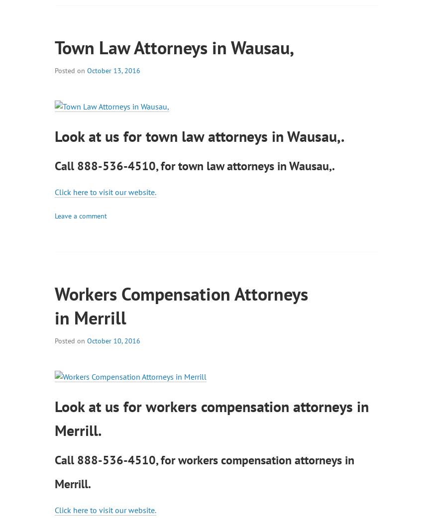 This screenshot has width=432, height=530. I want to click on 'Call 888-536-4510, for town law attorneys in Wausau,.', so click(195, 165).